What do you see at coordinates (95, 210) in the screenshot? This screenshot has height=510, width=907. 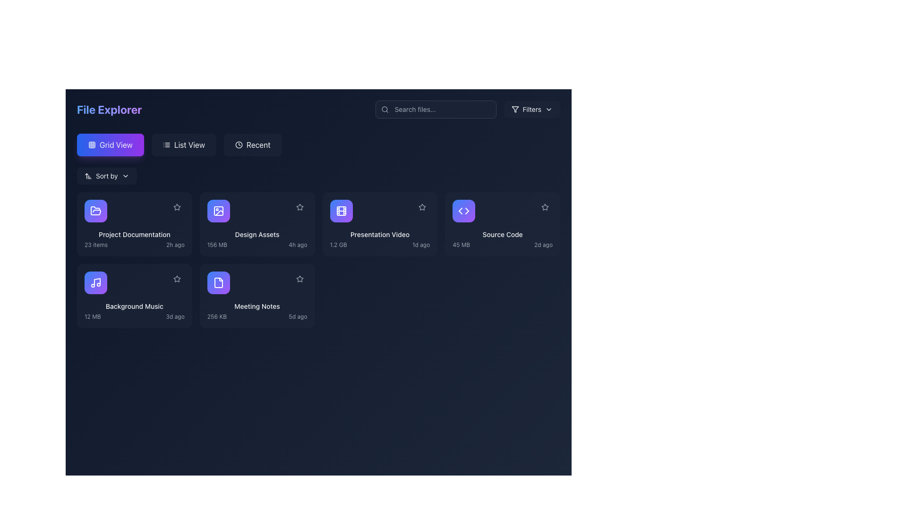 I see `the stylized purple folder icon with a white outline located in the first row and second column of the file grid interface, which is nested inside the 'Design Assets' card` at bounding box center [95, 210].